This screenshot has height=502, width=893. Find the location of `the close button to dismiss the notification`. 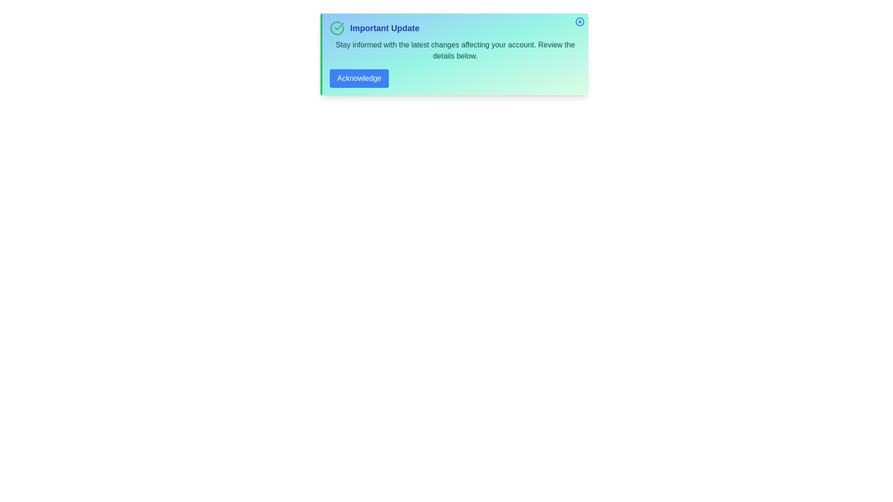

the close button to dismiss the notification is located at coordinates (580, 21).